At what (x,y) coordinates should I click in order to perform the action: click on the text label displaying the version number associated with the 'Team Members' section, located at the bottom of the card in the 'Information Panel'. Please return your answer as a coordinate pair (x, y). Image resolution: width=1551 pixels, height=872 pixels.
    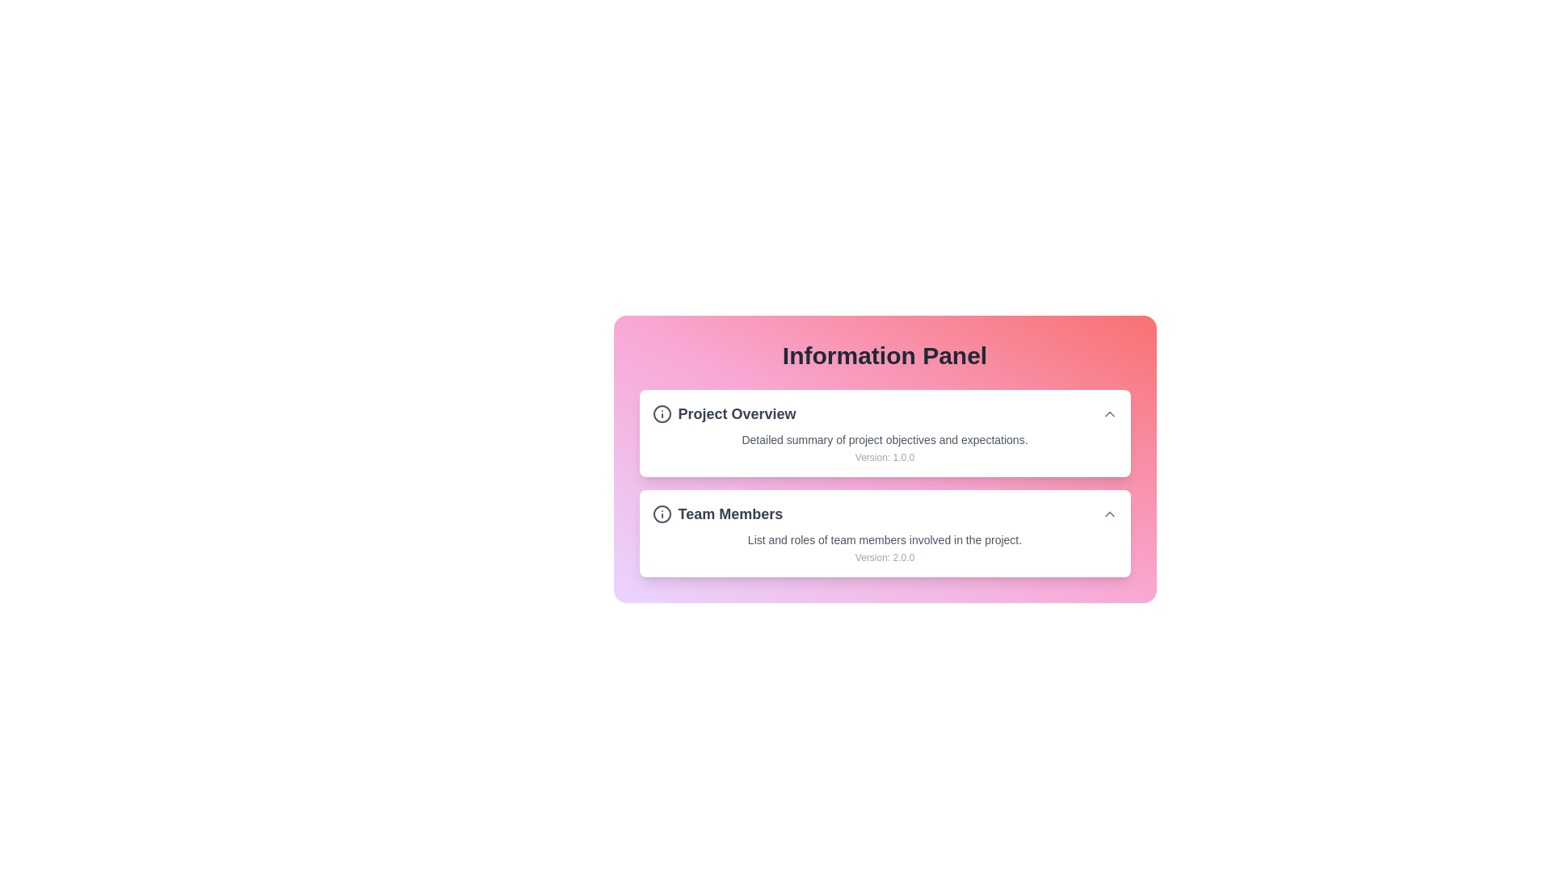
    Looking at the image, I should click on (884, 556).